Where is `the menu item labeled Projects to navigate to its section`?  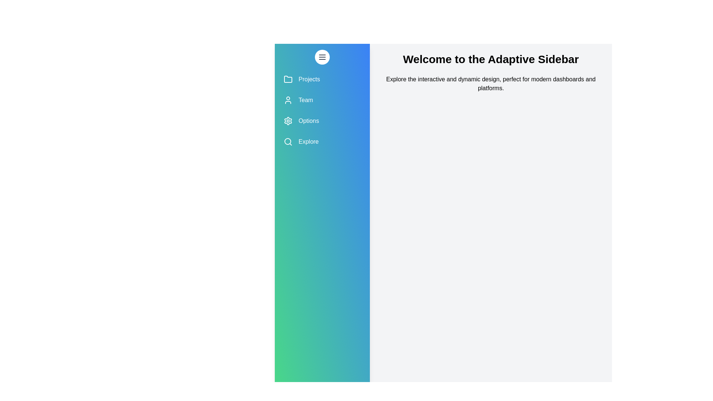
the menu item labeled Projects to navigate to its section is located at coordinates (322, 79).